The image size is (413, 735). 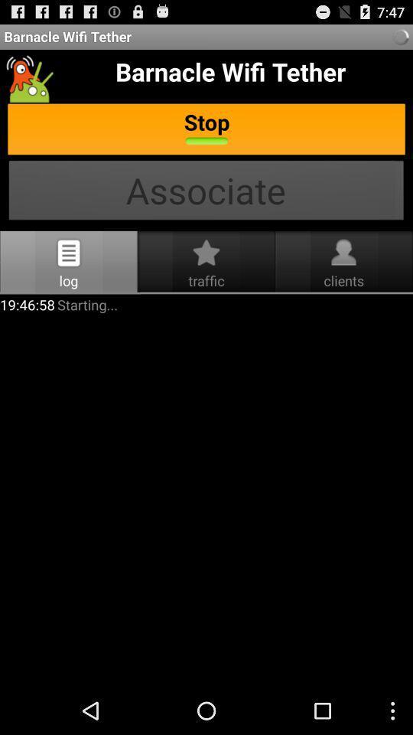 I want to click on item above associate button, so click(x=206, y=129).